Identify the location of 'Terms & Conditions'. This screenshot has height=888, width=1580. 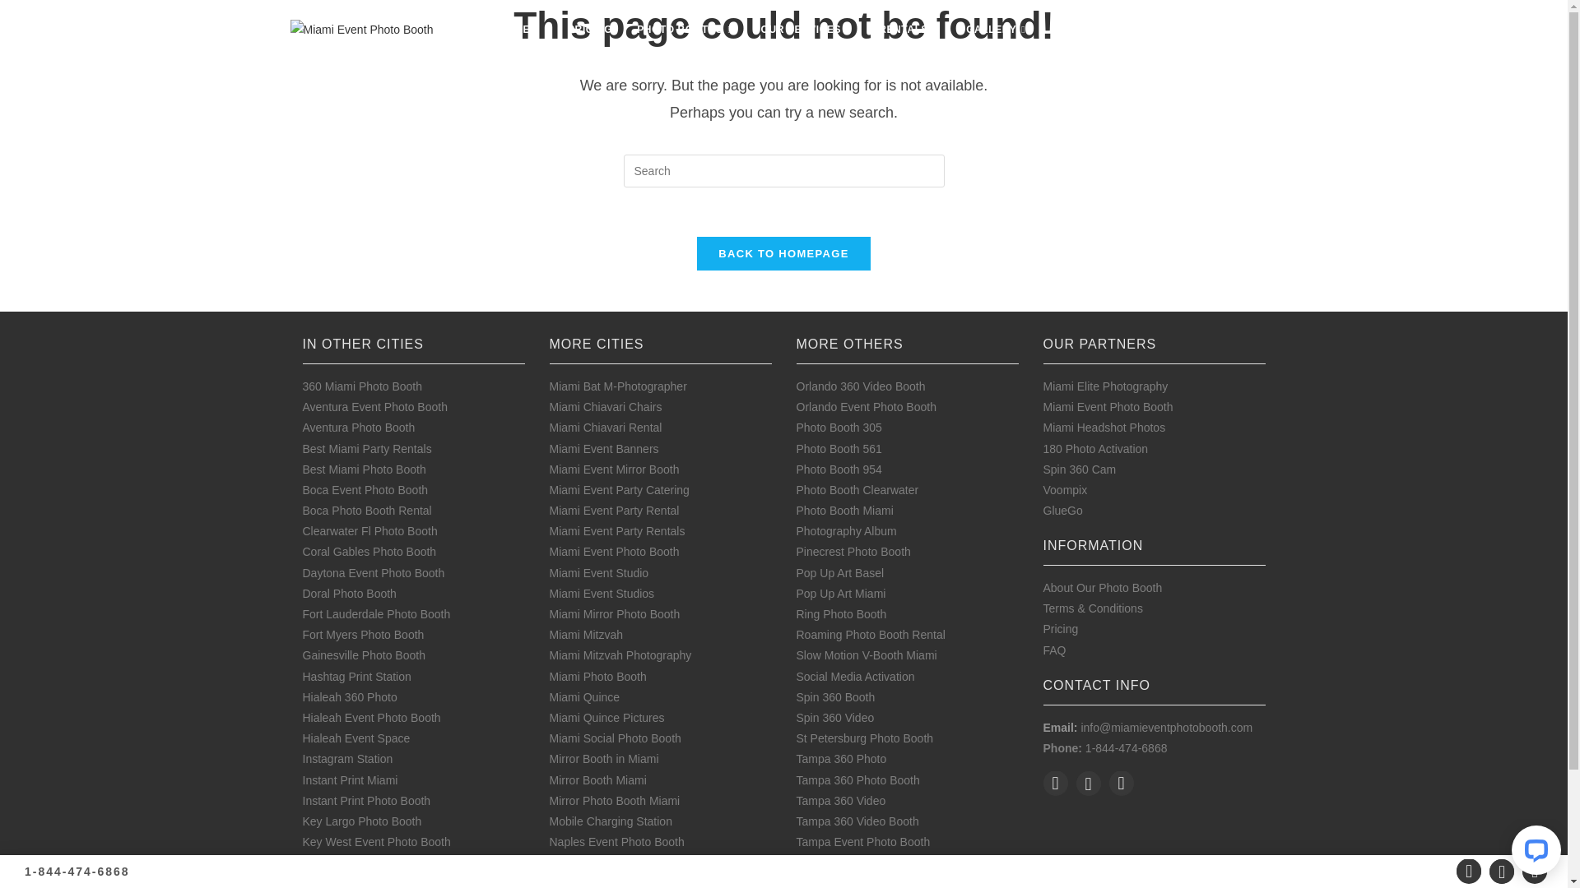
(1042, 608).